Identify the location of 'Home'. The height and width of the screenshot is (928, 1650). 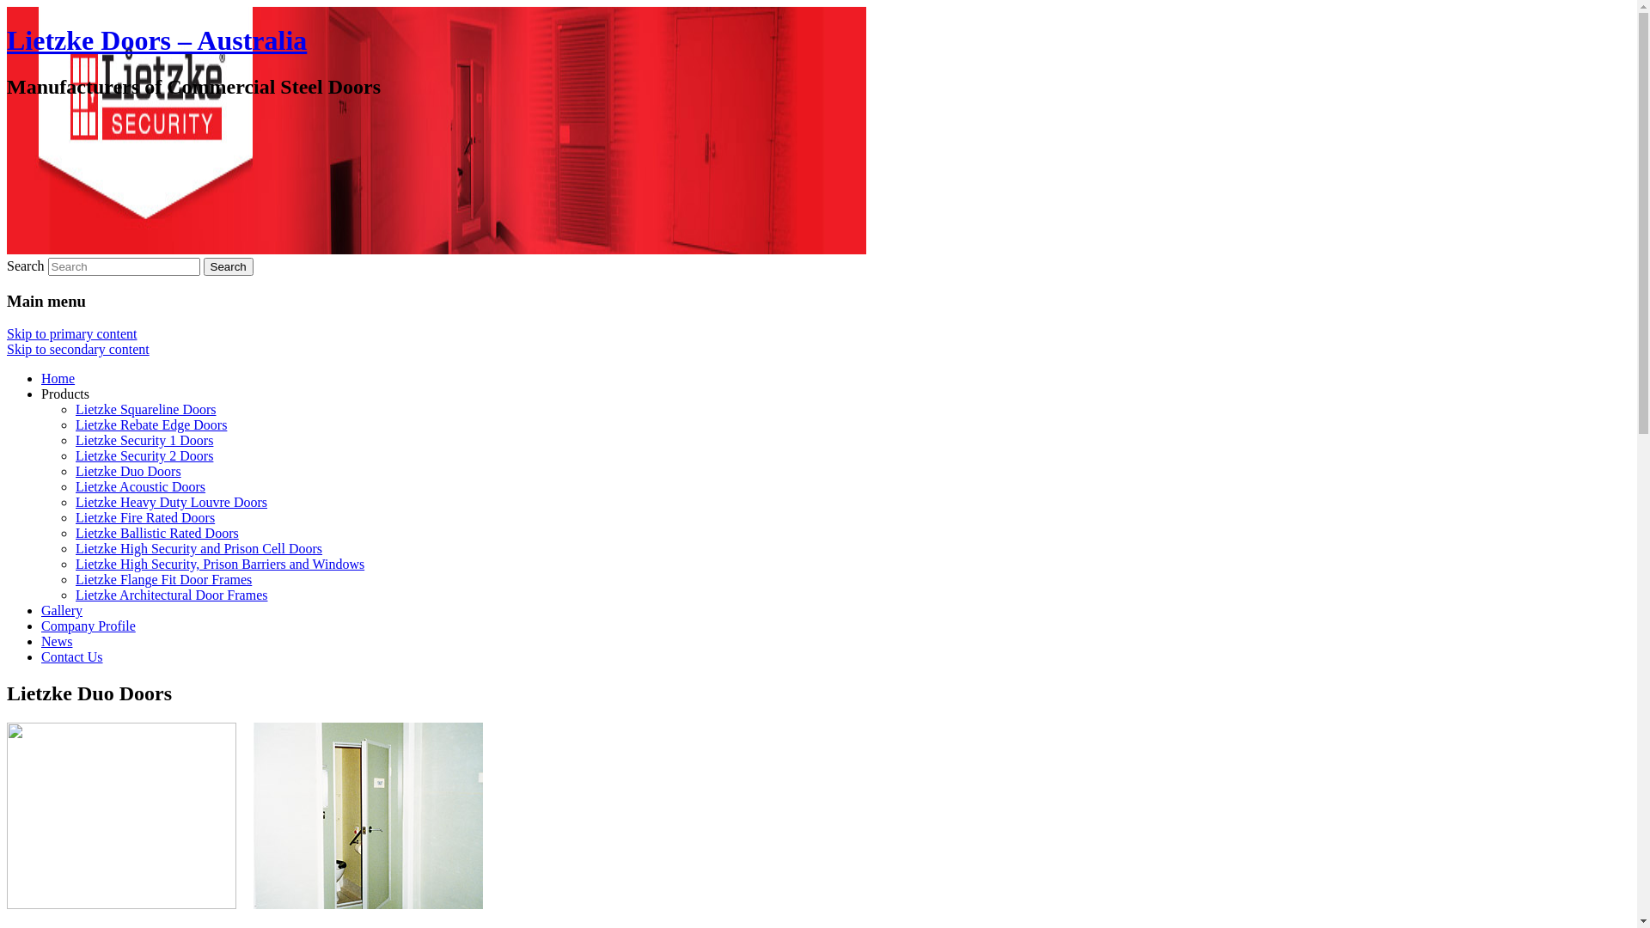
(58, 377).